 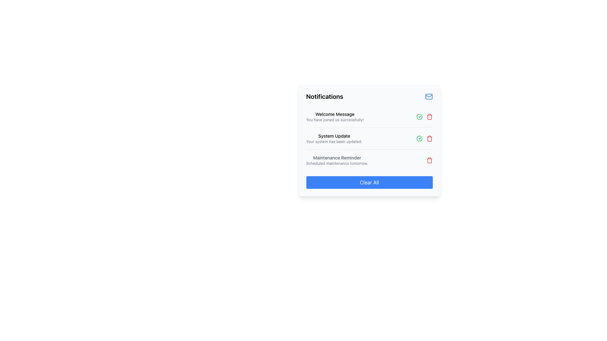 What do you see at coordinates (429, 96) in the screenshot?
I see `the blue envelope icon in the notifications header` at bounding box center [429, 96].